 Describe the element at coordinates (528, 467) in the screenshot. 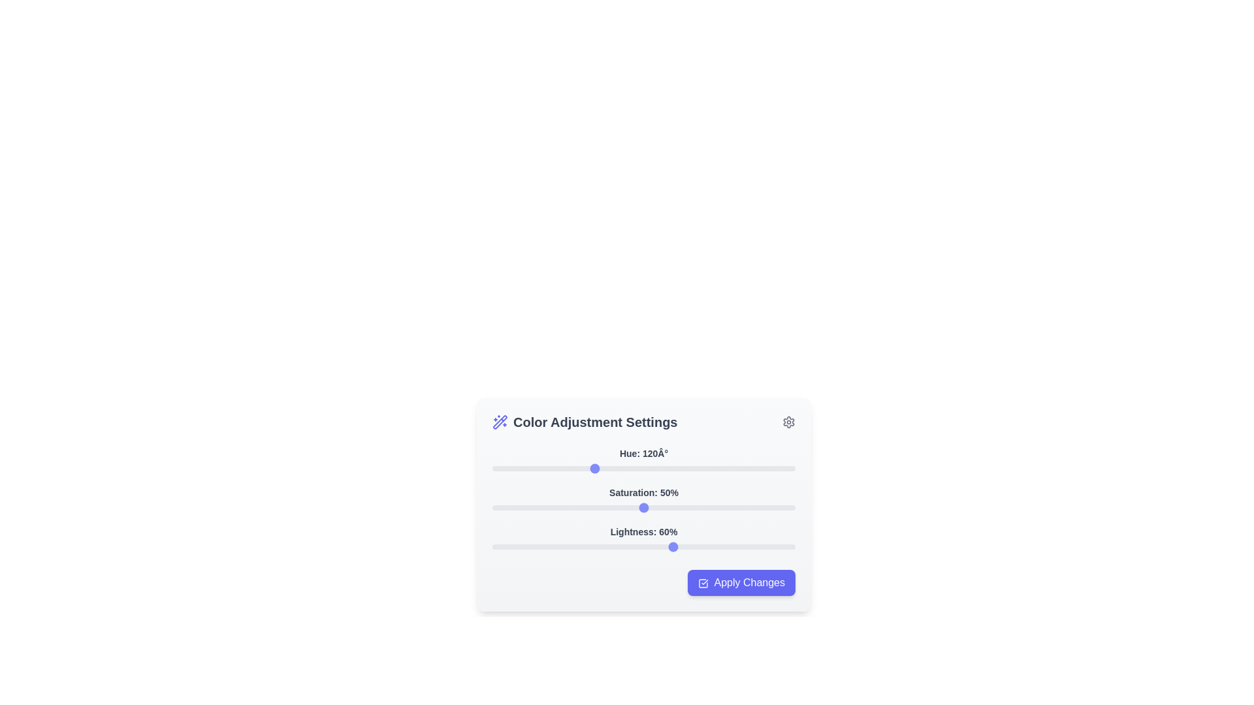

I see `hue` at that location.